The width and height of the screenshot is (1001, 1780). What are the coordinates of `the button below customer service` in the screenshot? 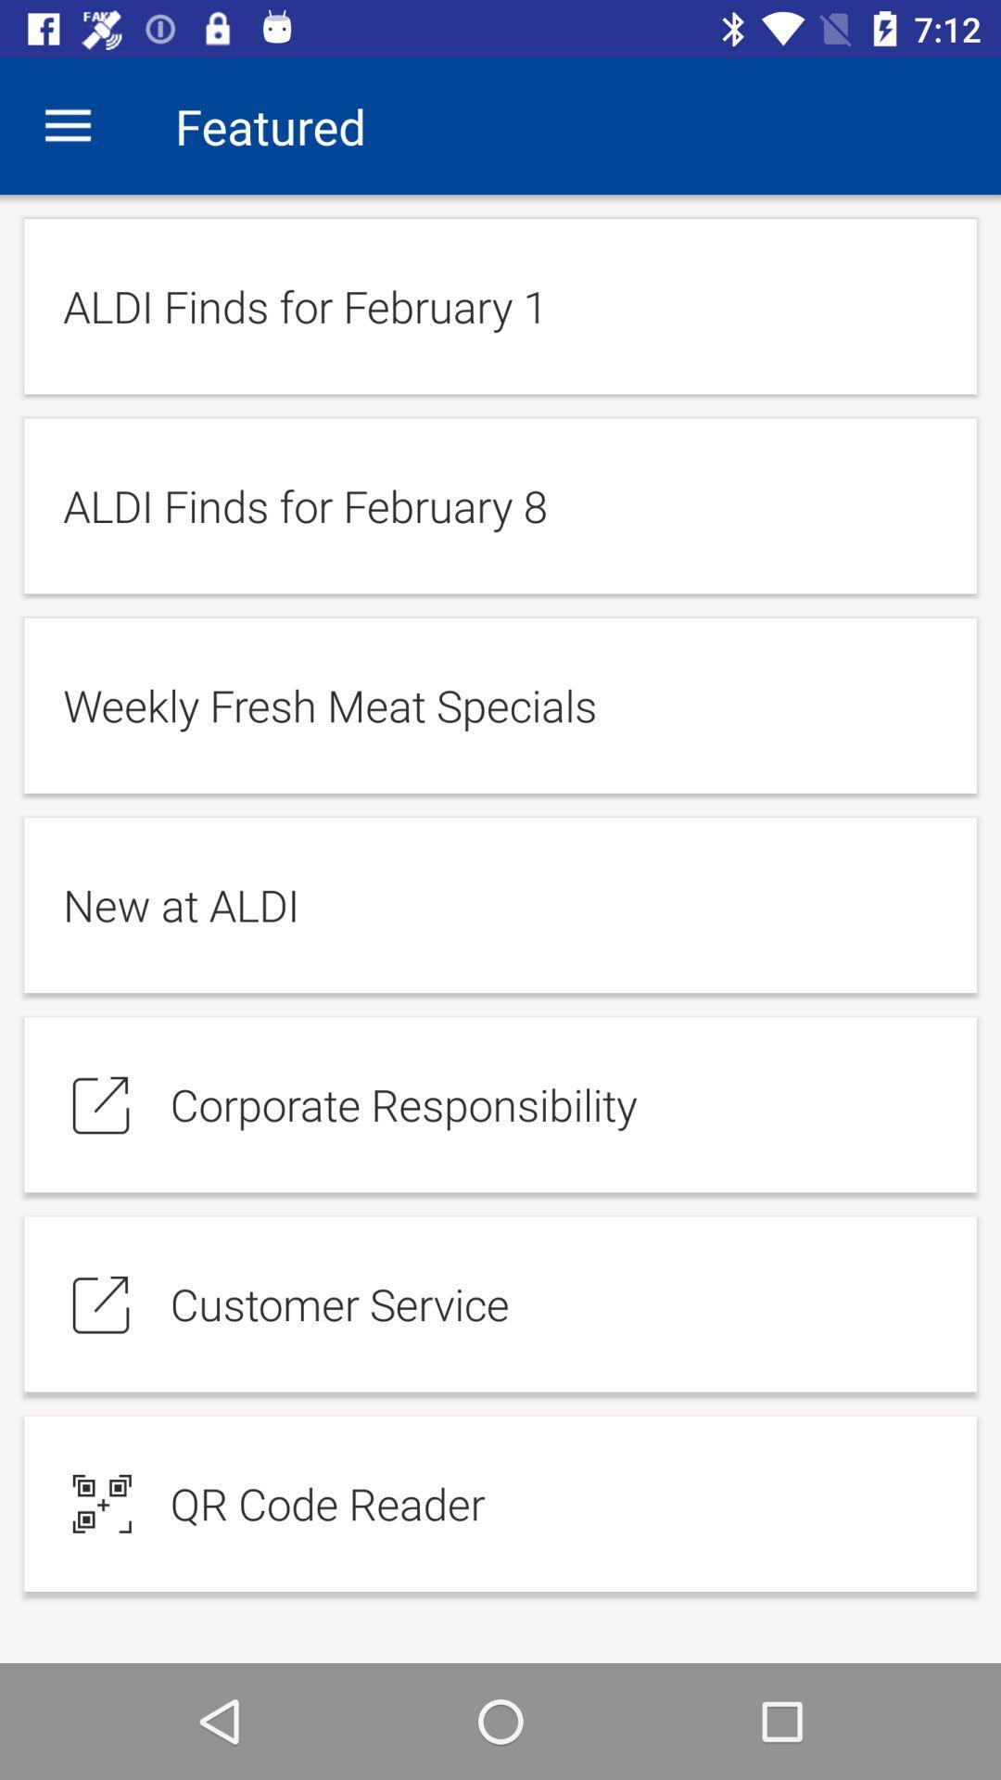 It's located at (500, 1504).